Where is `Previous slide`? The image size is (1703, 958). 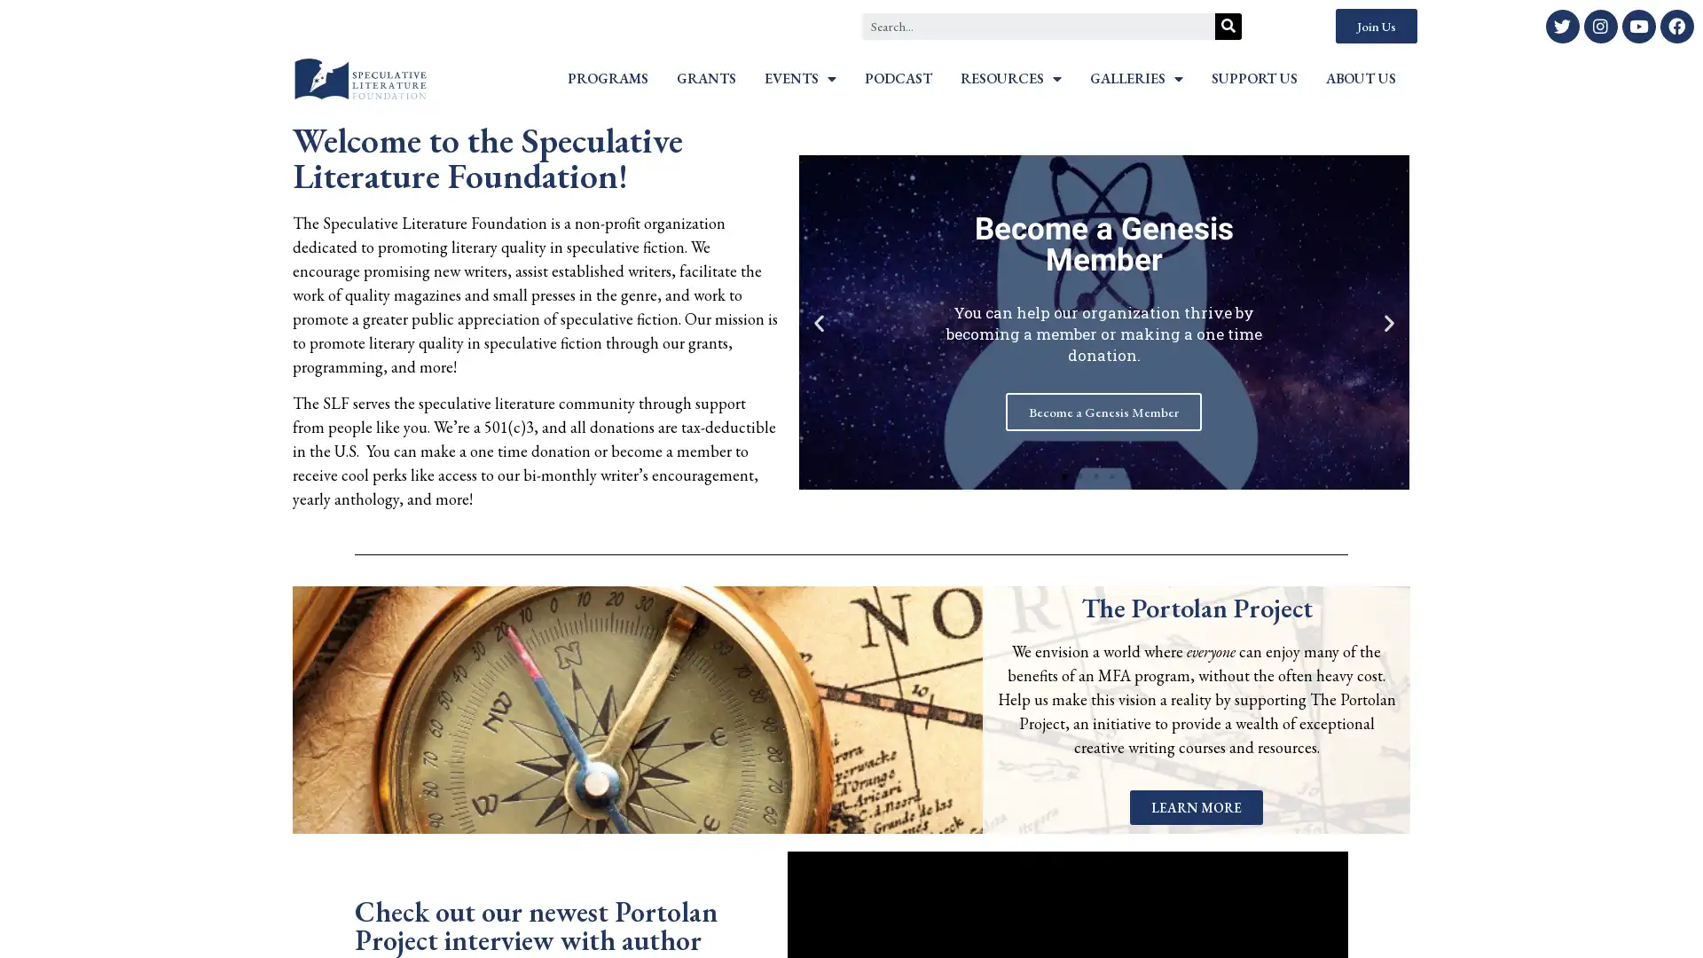
Previous slide is located at coordinates (817, 322).